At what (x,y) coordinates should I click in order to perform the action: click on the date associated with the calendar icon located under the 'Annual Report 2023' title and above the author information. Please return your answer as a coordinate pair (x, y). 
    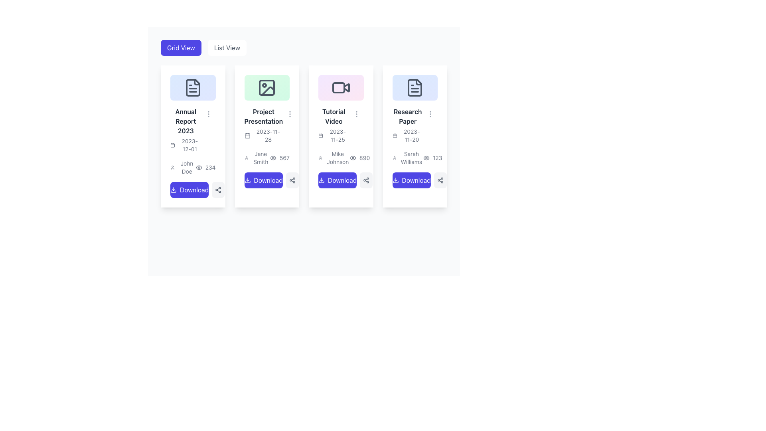
    Looking at the image, I should click on (172, 145).